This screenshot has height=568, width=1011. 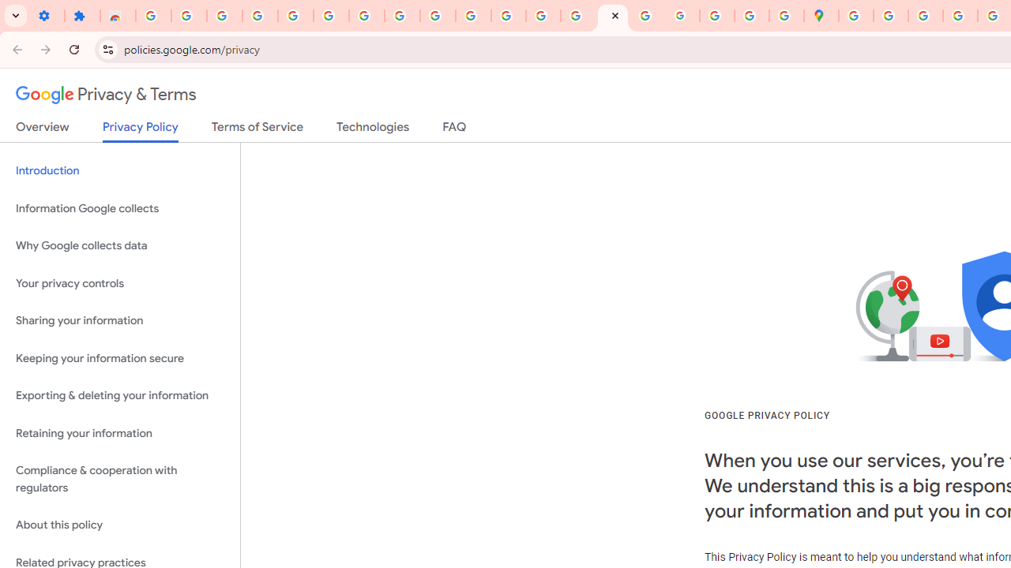 I want to click on 'Settings - On startup', so click(x=47, y=16).